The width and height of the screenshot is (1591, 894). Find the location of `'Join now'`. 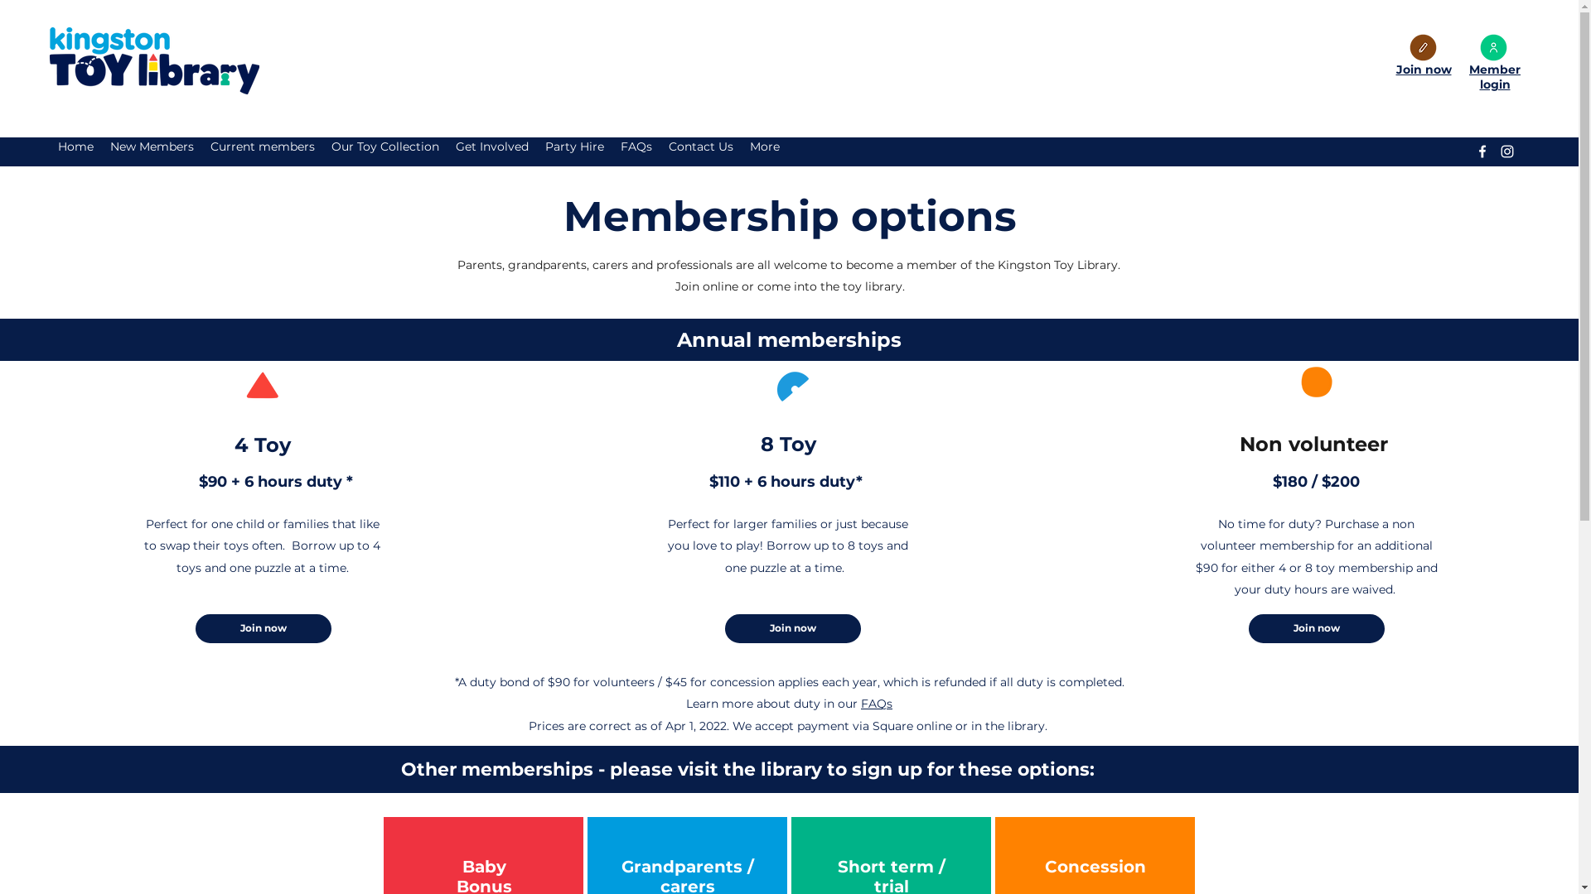

'Join now' is located at coordinates (1422, 69).